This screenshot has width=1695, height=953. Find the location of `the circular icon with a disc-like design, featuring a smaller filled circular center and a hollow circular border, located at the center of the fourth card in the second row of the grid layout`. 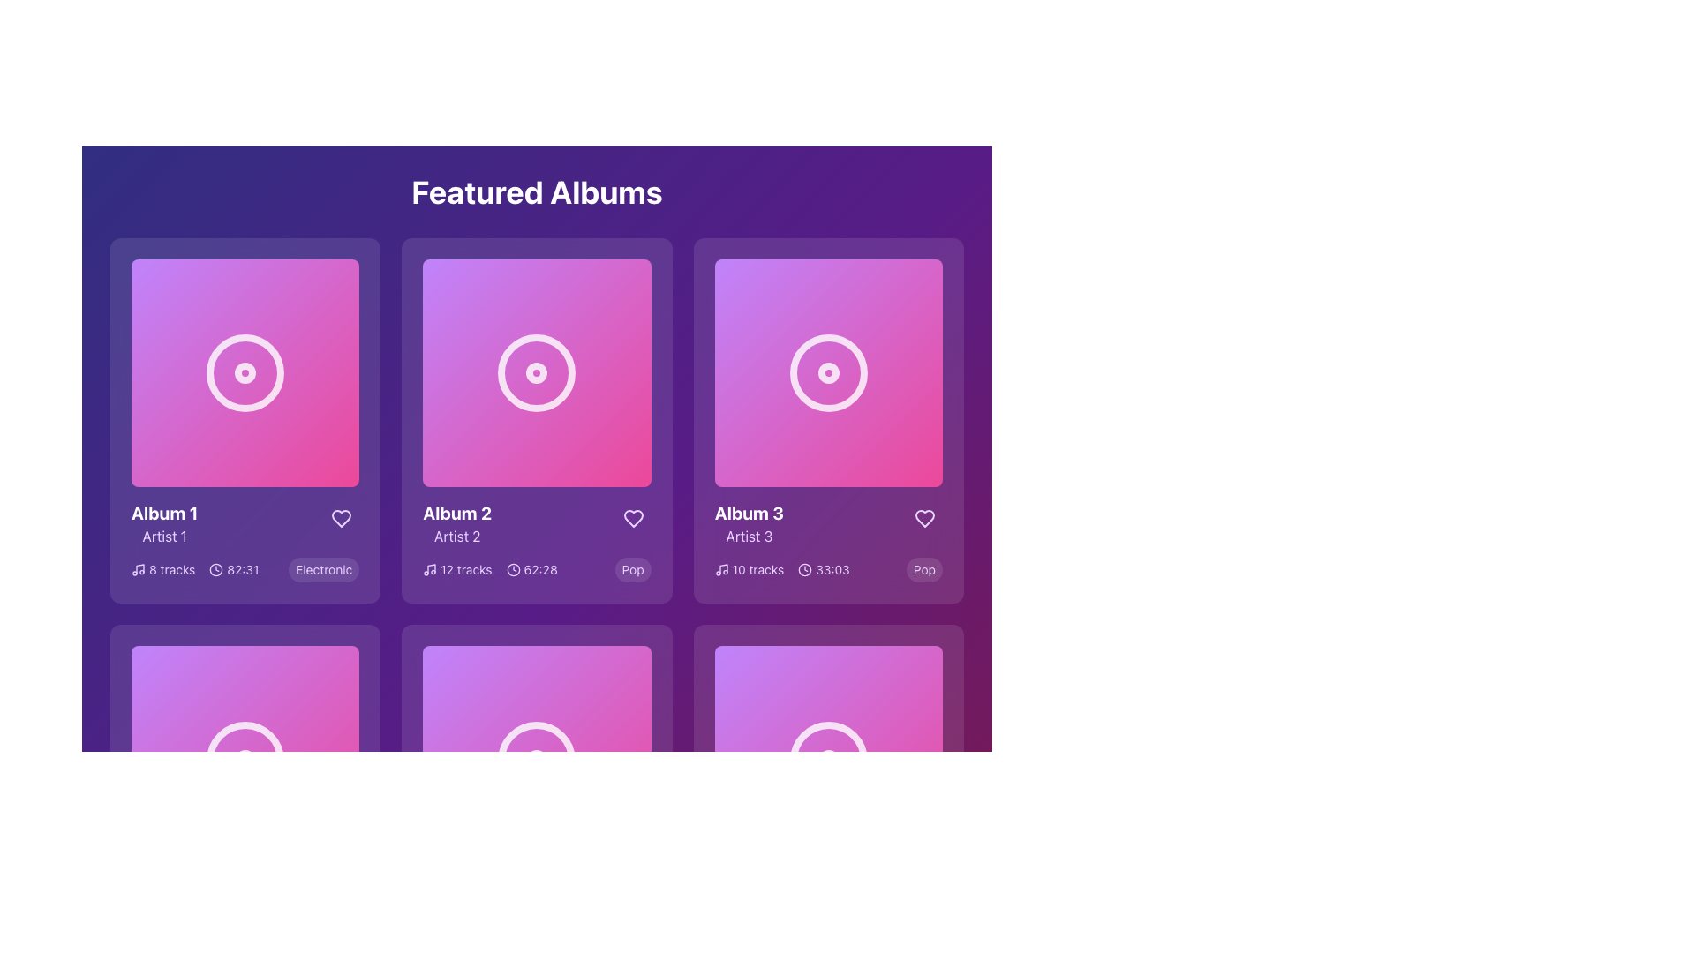

the circular icon with a disc-like design, featuring a smaller filled circular center and a hollow circular border, located at the center of the fourth card in the second row of the grid layout is located at coordinates (245, 759).